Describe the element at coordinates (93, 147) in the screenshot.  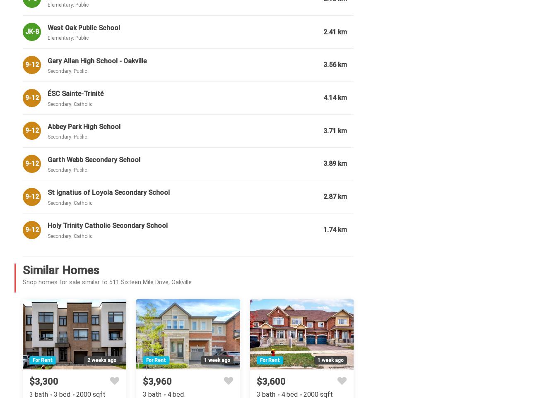
I see `'Room details for 511 Sixteen Mile Drive, Oakville'` at that location.